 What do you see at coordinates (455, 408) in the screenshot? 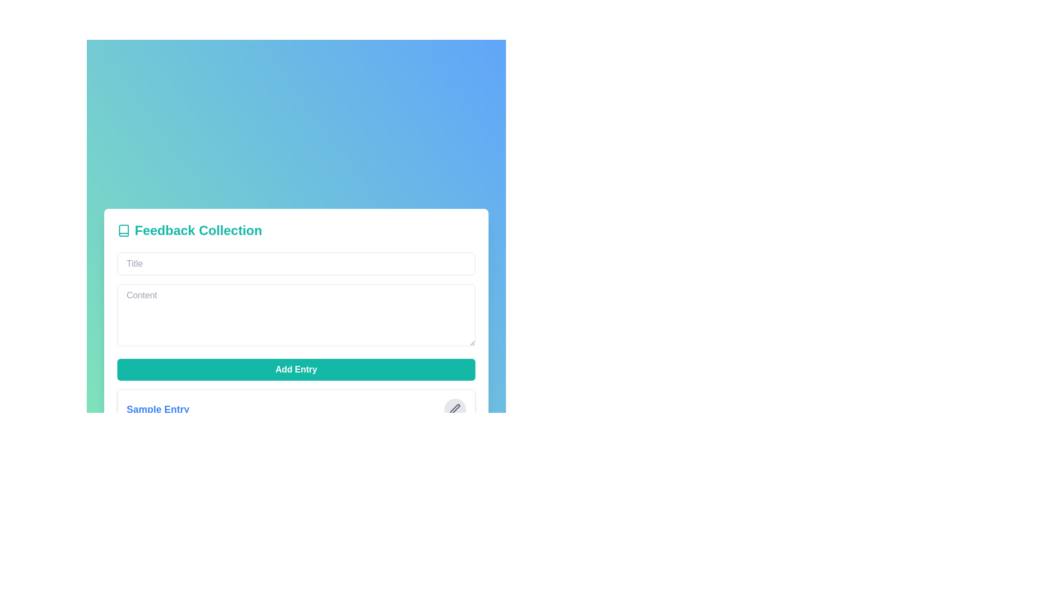
I see `the circular icon button with a gray background and a pen symbol in the center` at bounding box center [455, 408].